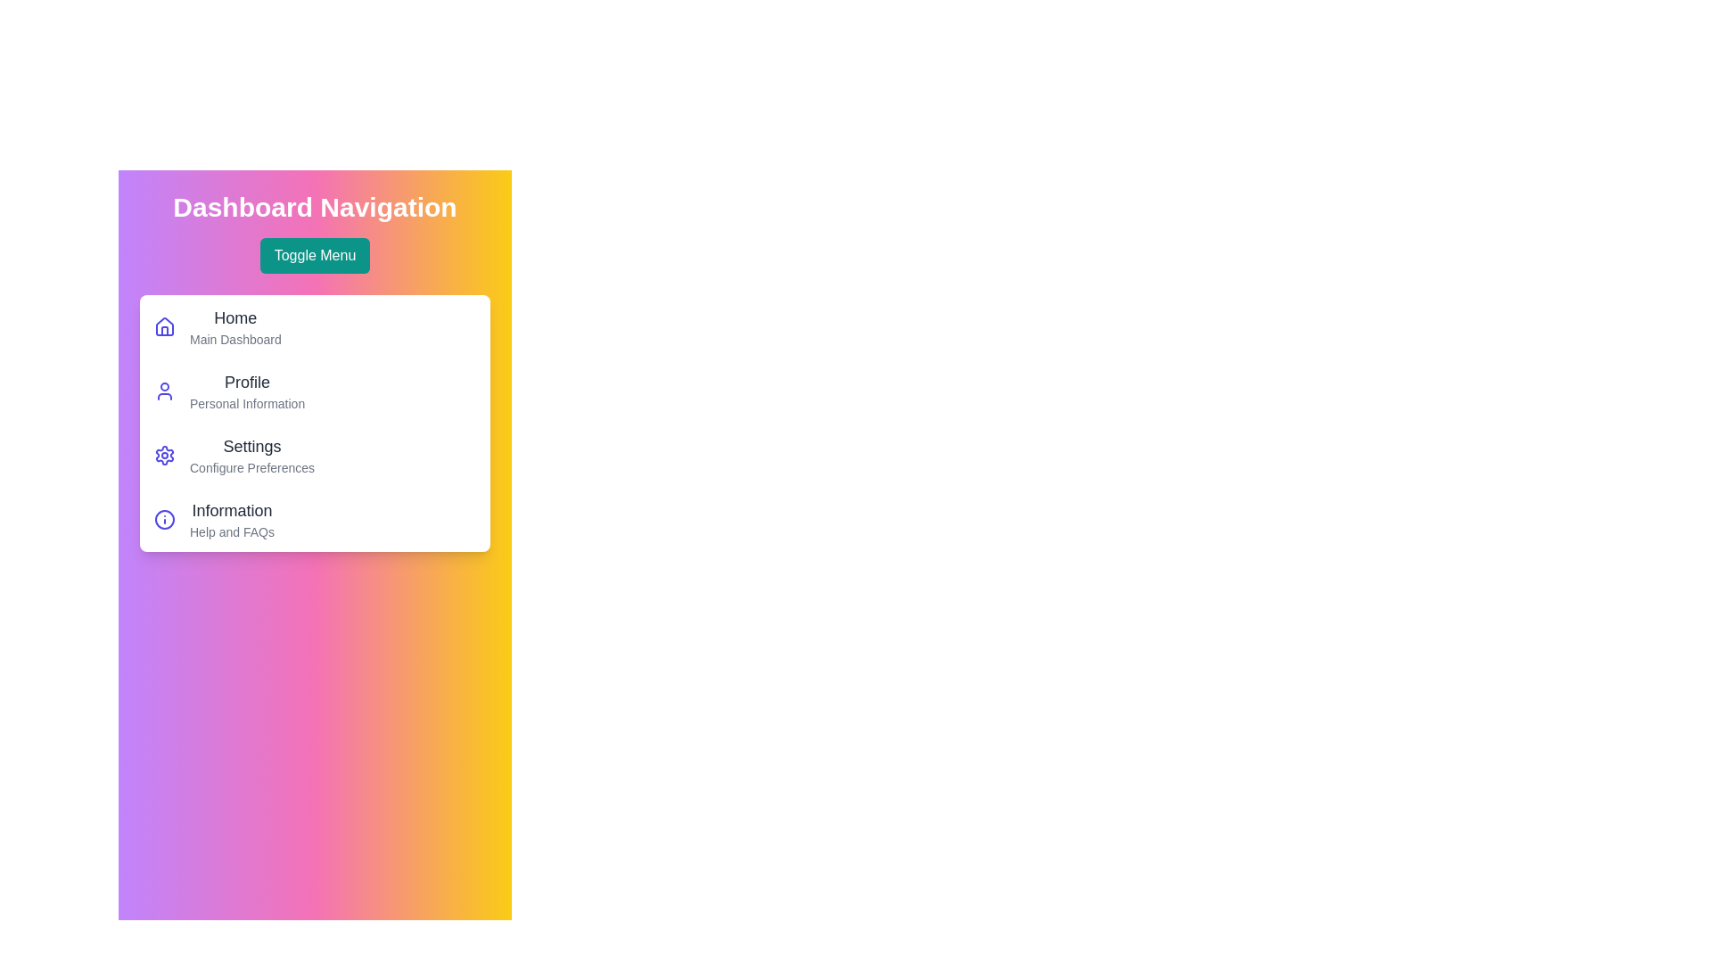 The width and height of the screenshot is (1712, 963). Describe the element at coordinates (251, 446) in the screenshot. I see `the menu item labeled Settings` at that location.